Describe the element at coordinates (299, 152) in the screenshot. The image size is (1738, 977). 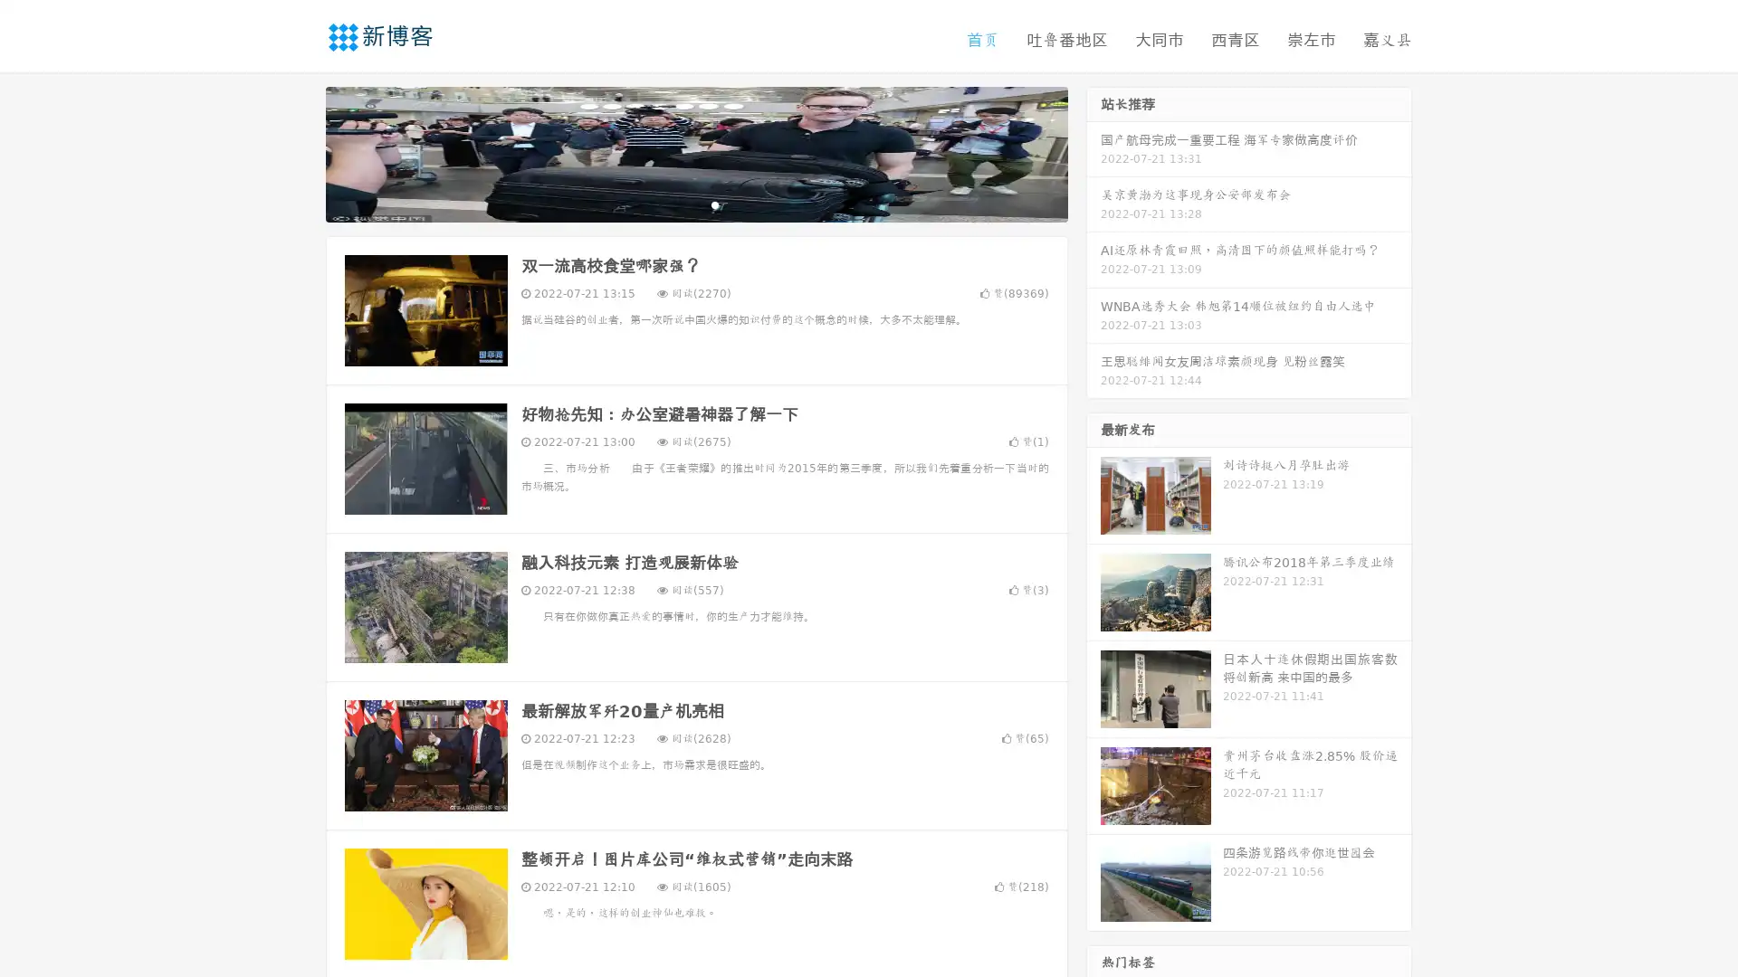
I see `Previous slide` at that location.